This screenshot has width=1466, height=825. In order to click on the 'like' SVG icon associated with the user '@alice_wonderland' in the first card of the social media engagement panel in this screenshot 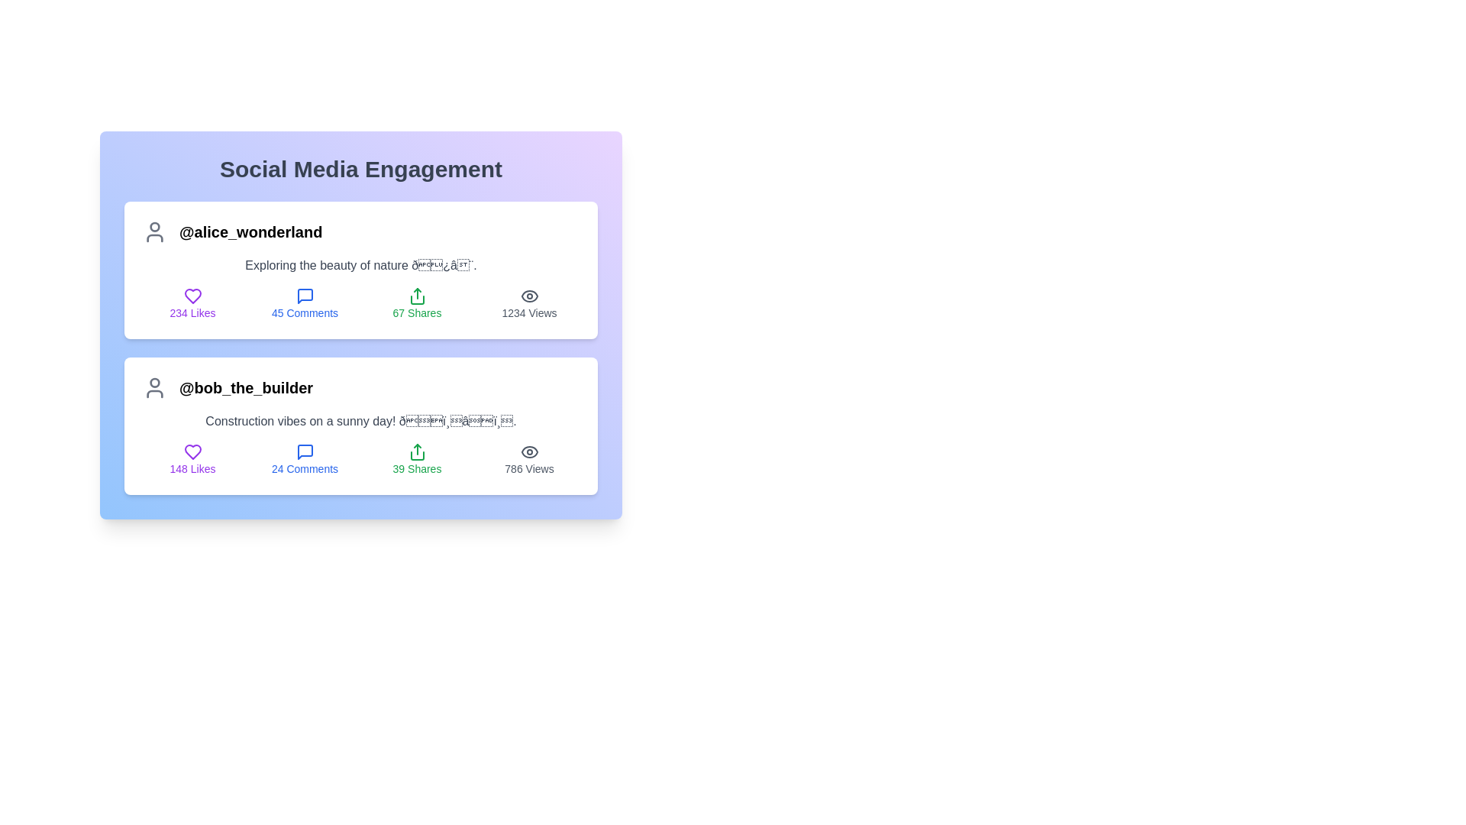, I will do `click(192, 296)`.